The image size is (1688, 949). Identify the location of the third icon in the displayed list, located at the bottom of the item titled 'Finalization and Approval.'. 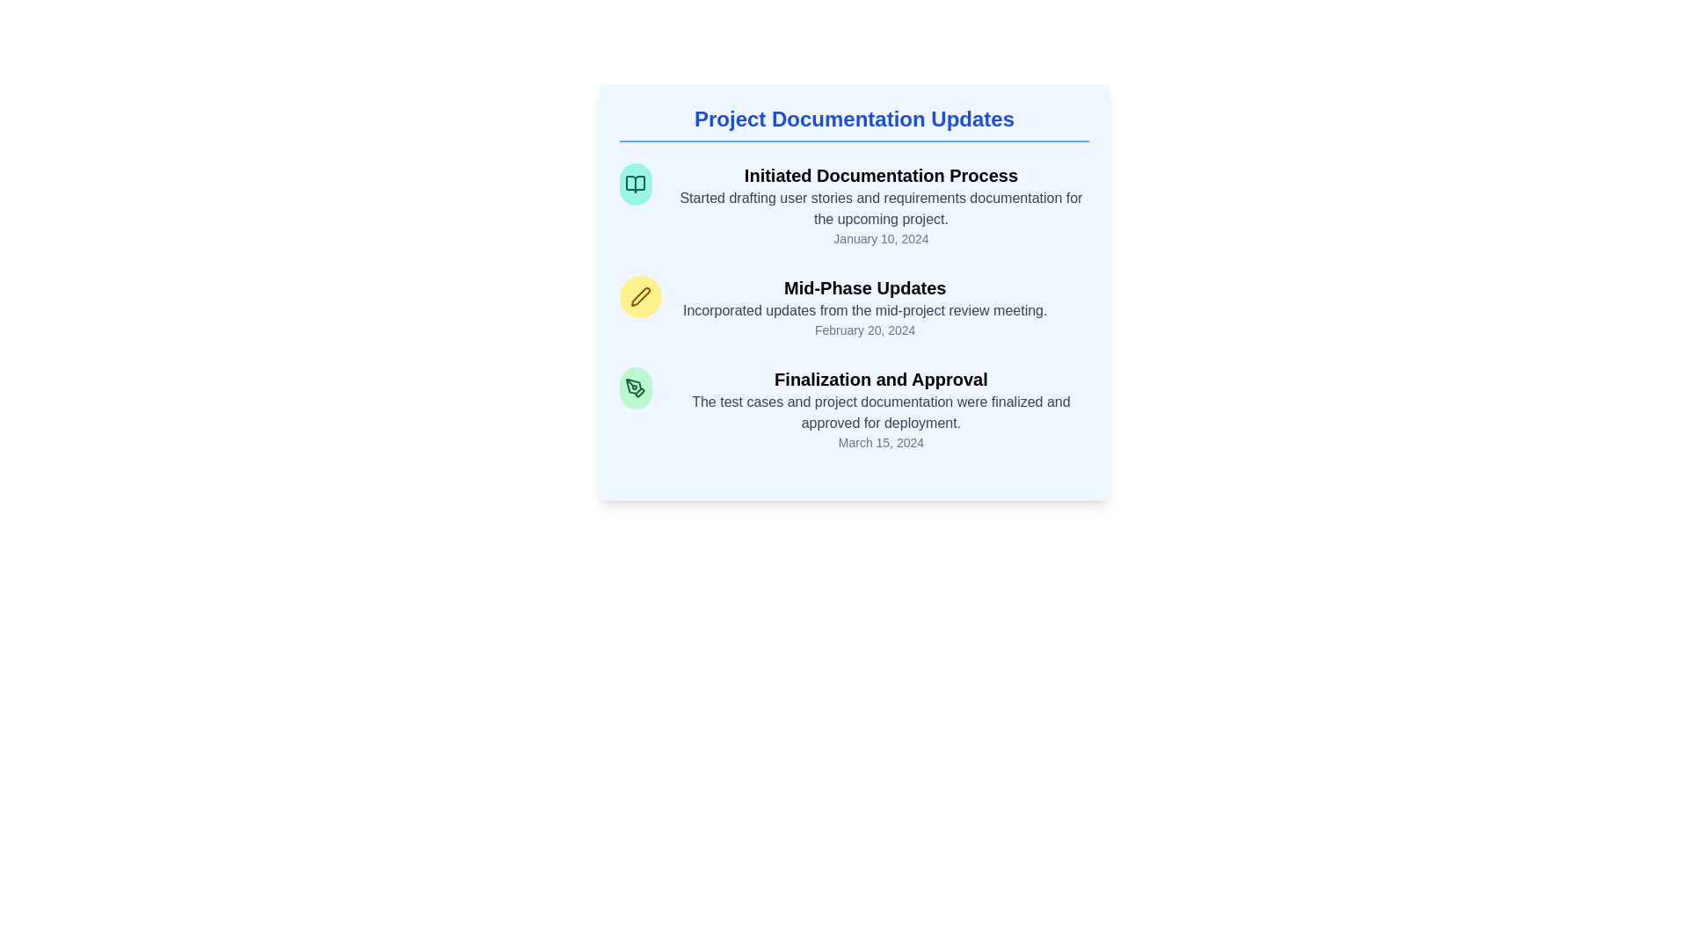
(639, 392).